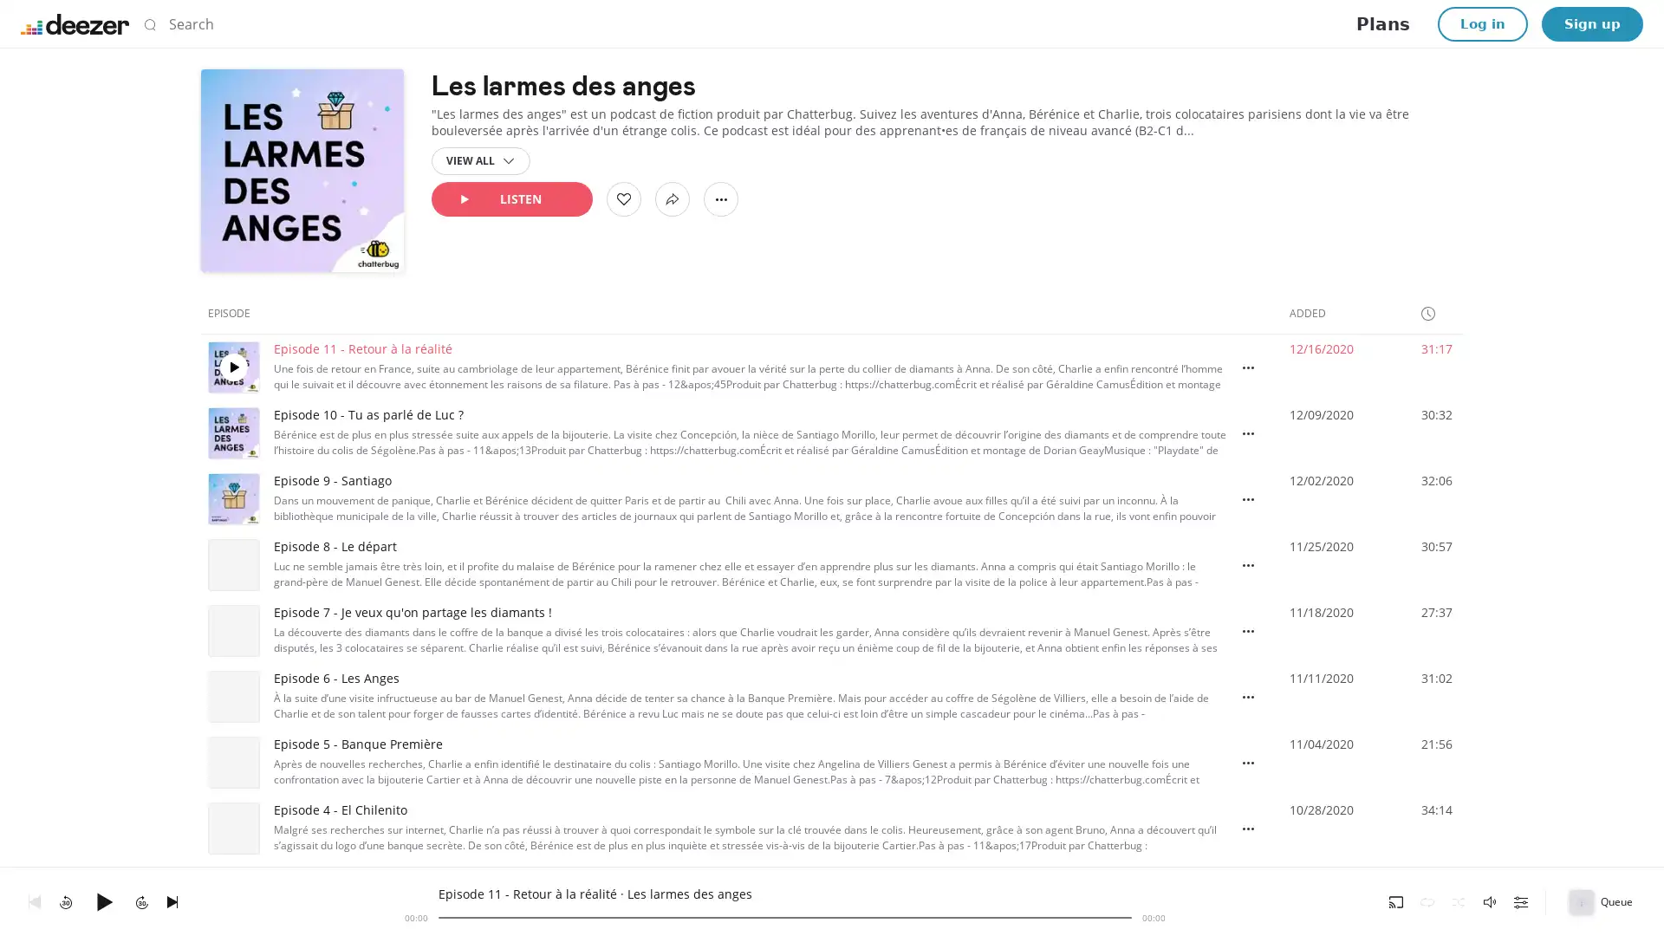 This screenshot has height=936, width=1664. Describe the element at coordinates (481, 160) in the screenshot. I see `VIEW ALL` at that location.